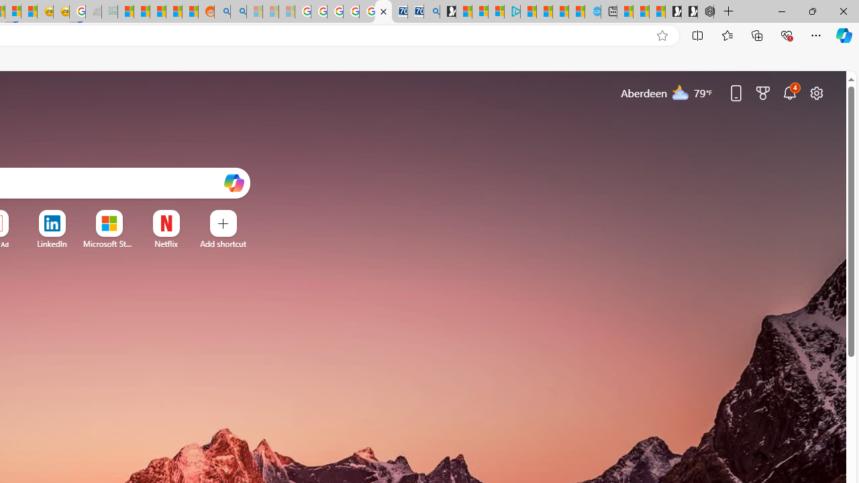 The image size is (859, 483). Describe the element at coordinates (680, 91) in the screenshot. I see `'Mostly cloudy'` at that location.